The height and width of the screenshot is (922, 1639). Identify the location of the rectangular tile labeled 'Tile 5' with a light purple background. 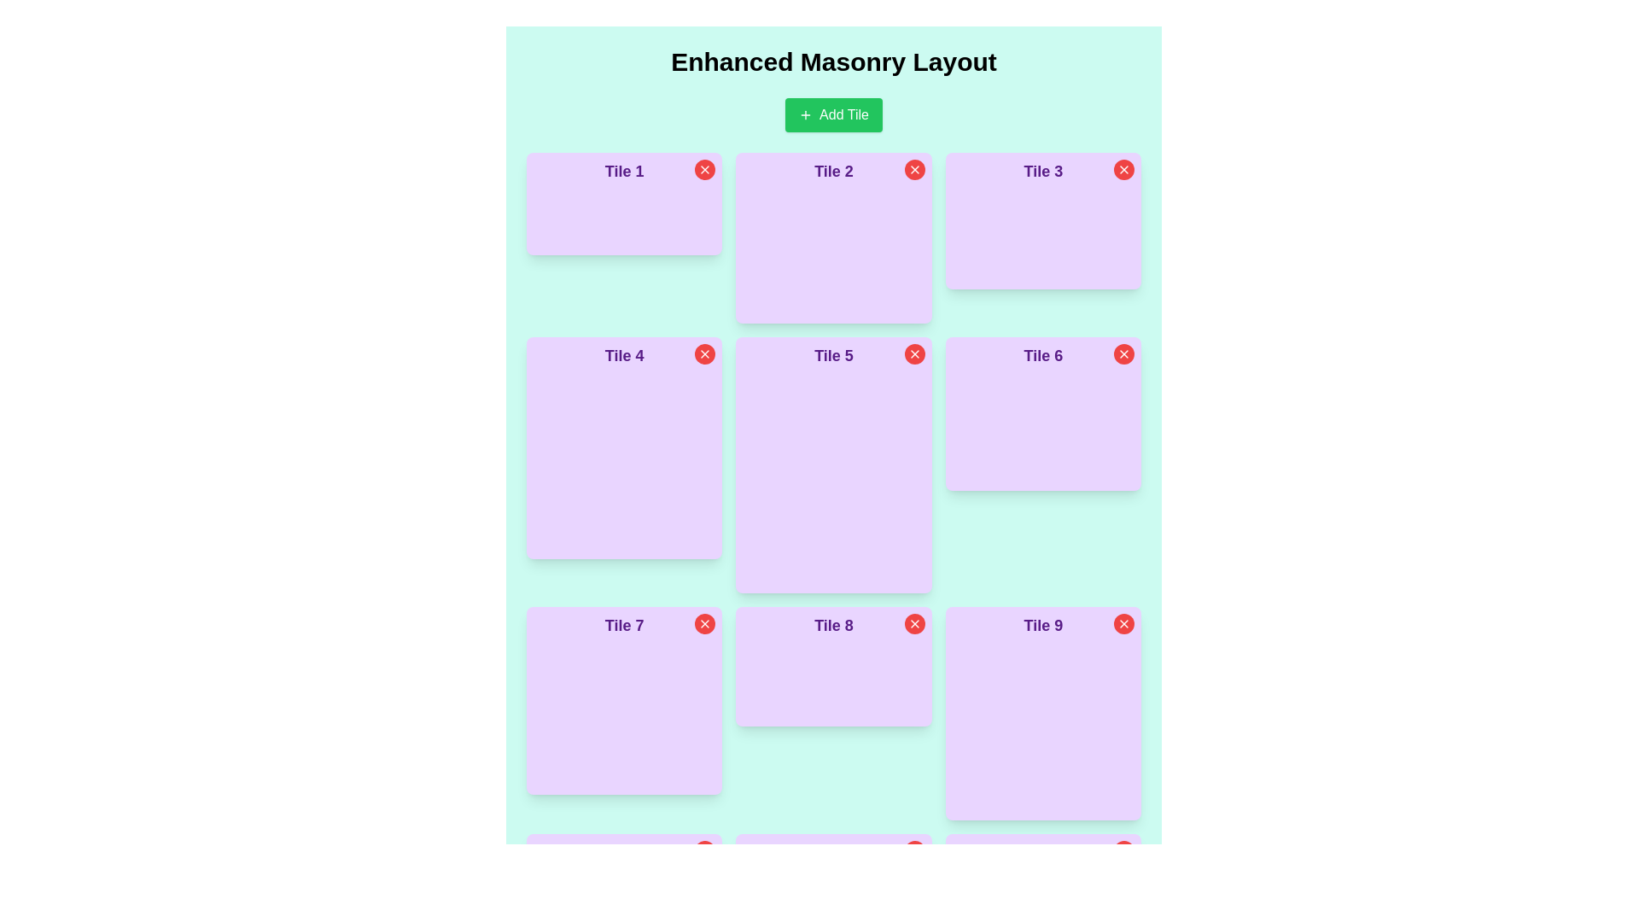
(833, 464).